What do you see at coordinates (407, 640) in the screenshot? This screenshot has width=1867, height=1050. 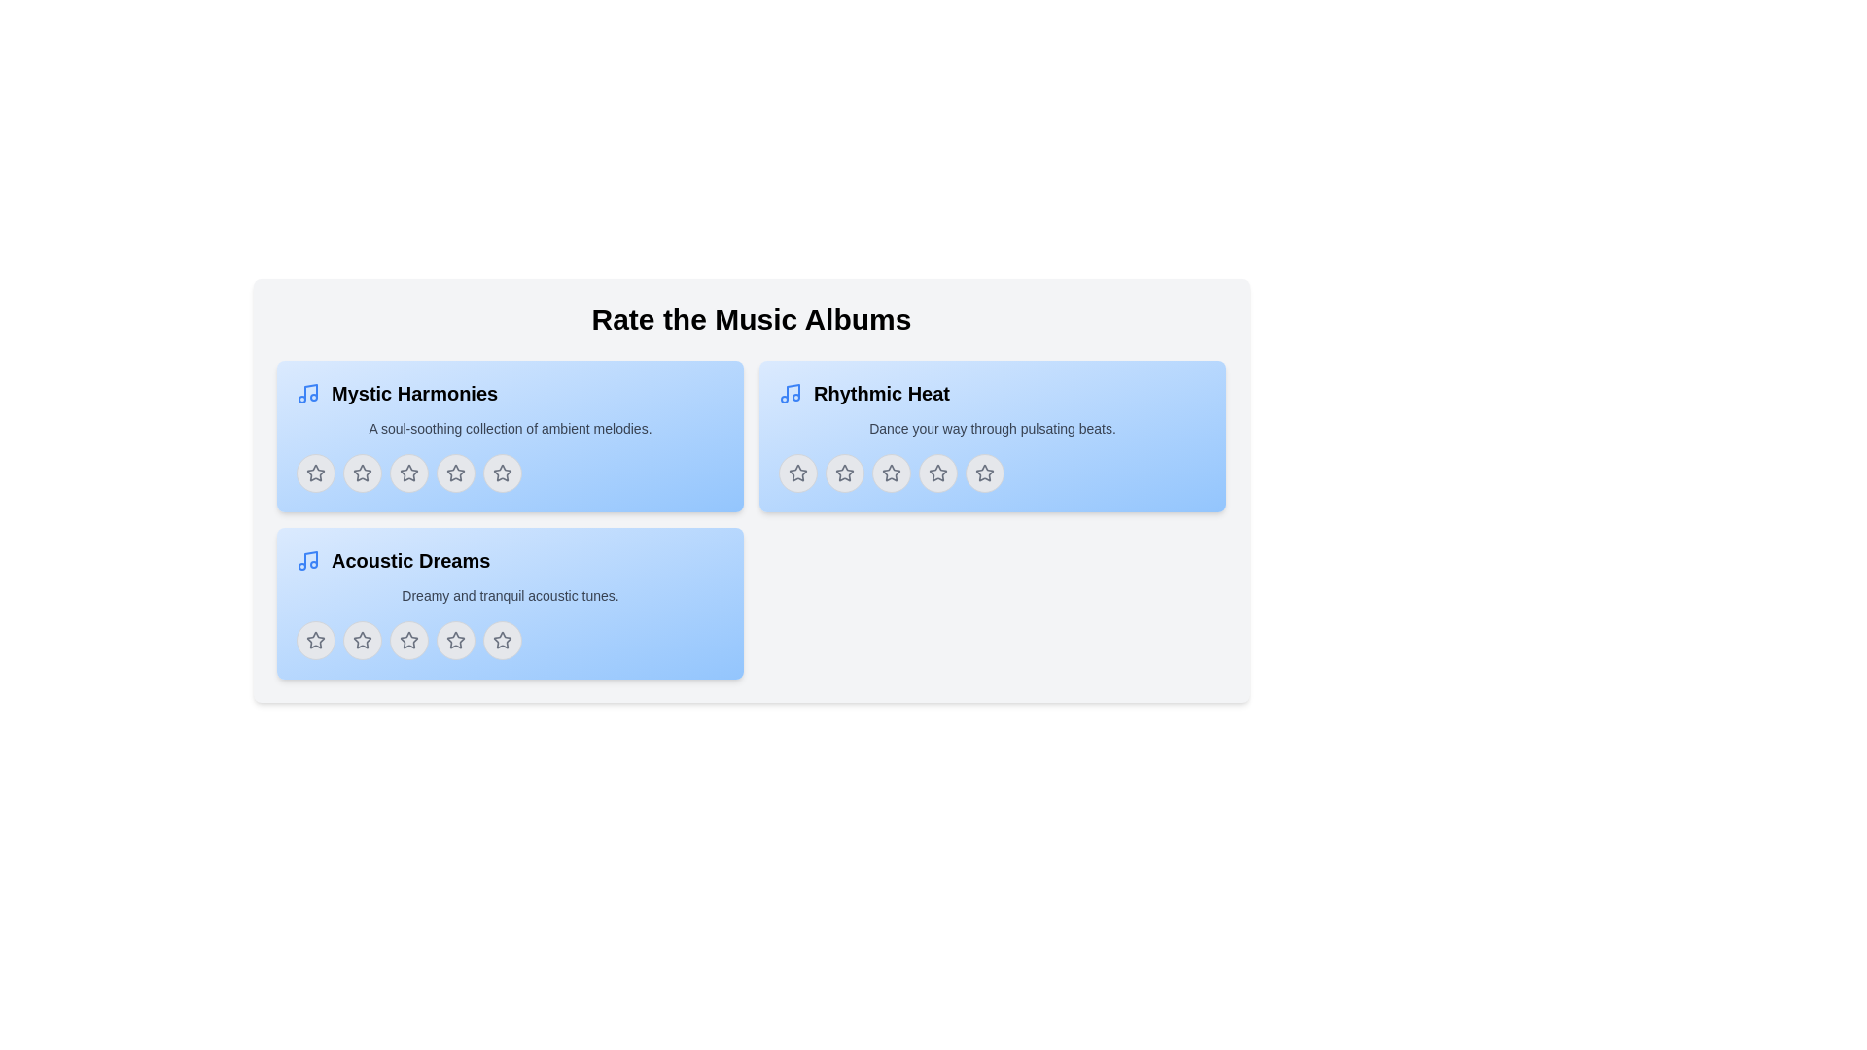 I see `on the third star-shaped rating icon in the 'Acoustic Dreams' section` at bounding box center [407, 640].